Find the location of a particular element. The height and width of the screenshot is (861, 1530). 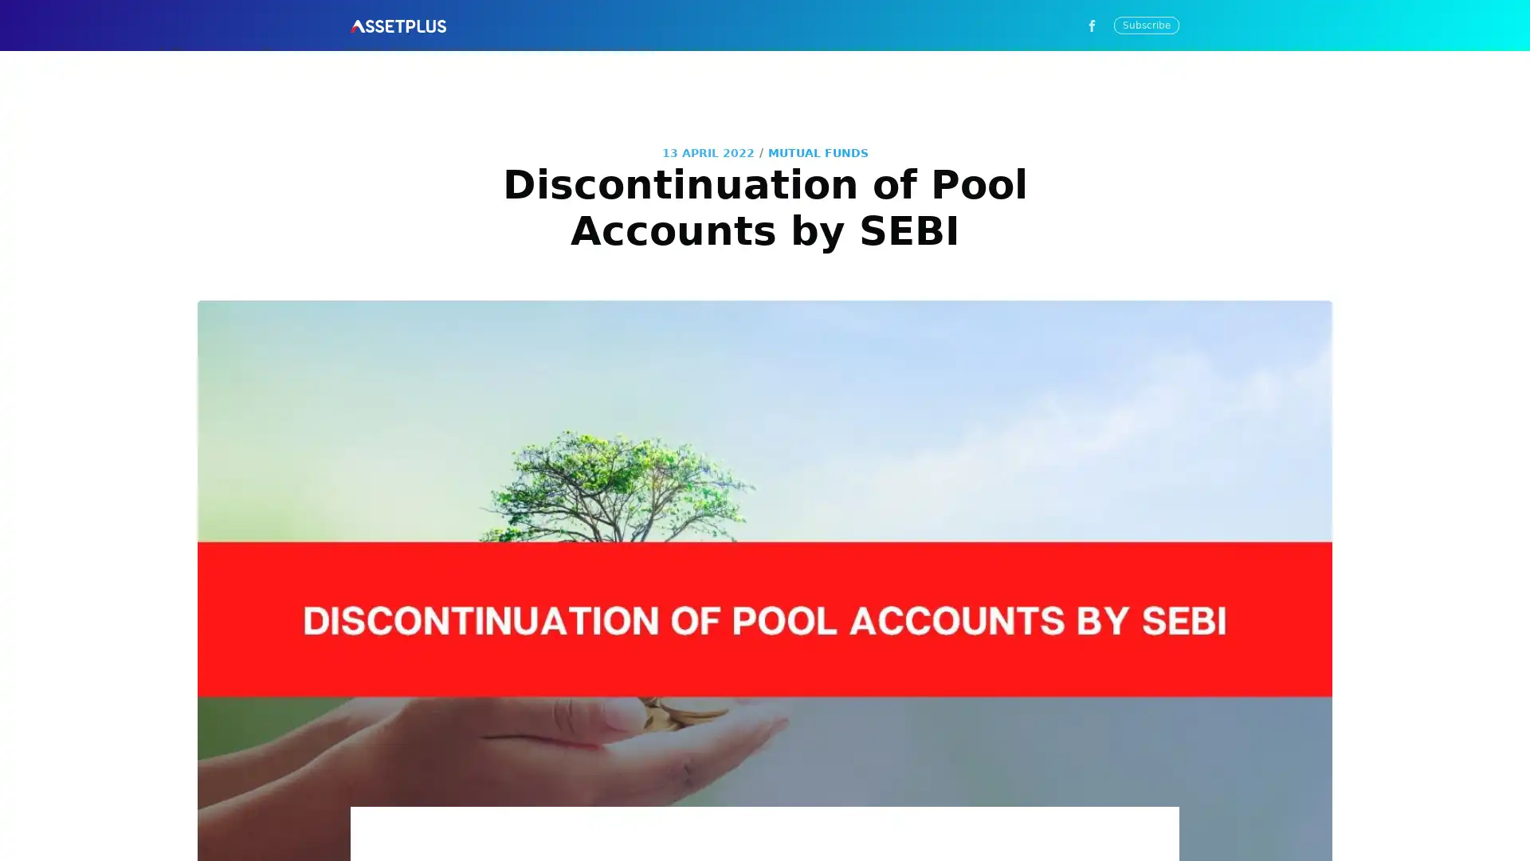

Subscribe is located at coordinates (910, 489).